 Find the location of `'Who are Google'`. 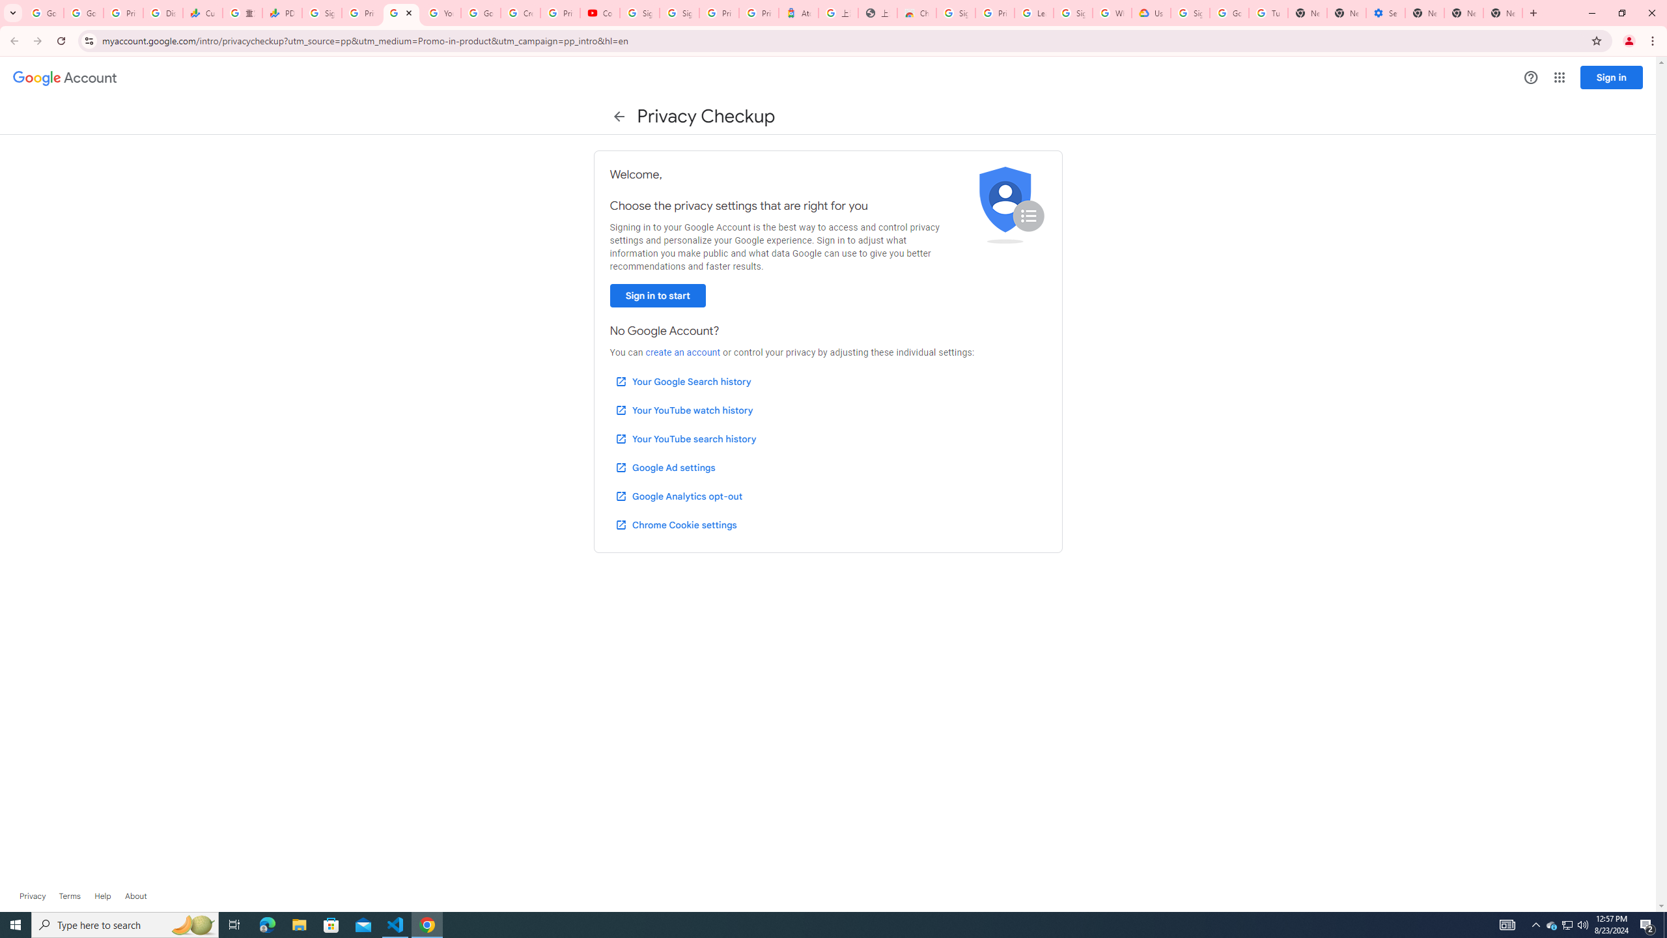

'Who are Google' is located at coordinates (1112, 12).